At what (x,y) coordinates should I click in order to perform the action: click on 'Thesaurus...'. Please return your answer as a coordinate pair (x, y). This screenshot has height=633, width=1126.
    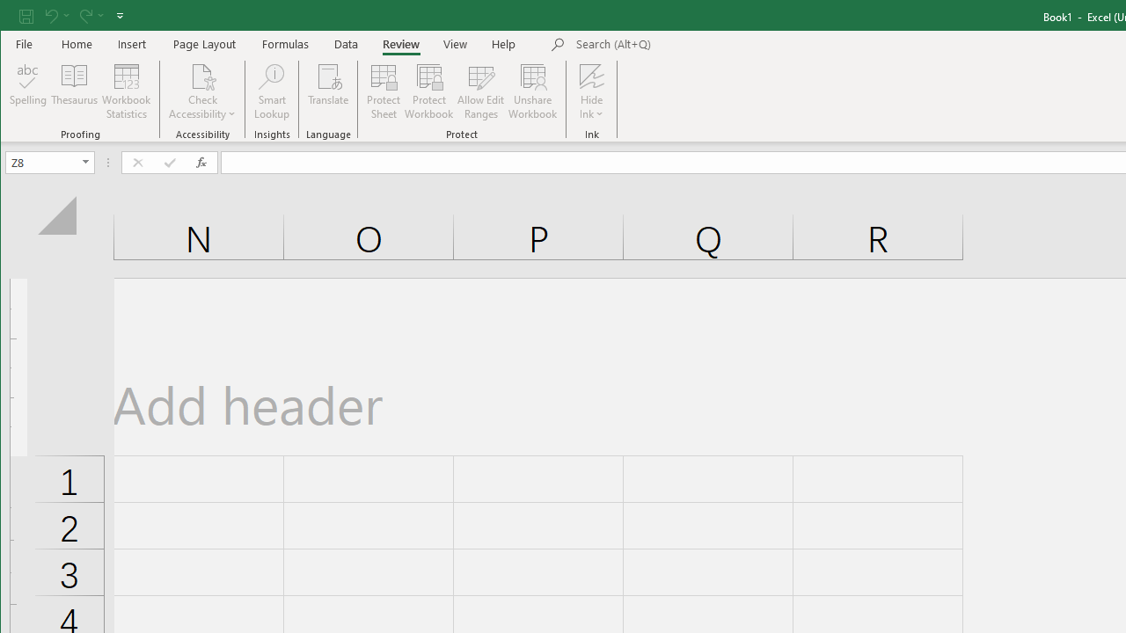
    Looking at the image, I should click on (74, 91).